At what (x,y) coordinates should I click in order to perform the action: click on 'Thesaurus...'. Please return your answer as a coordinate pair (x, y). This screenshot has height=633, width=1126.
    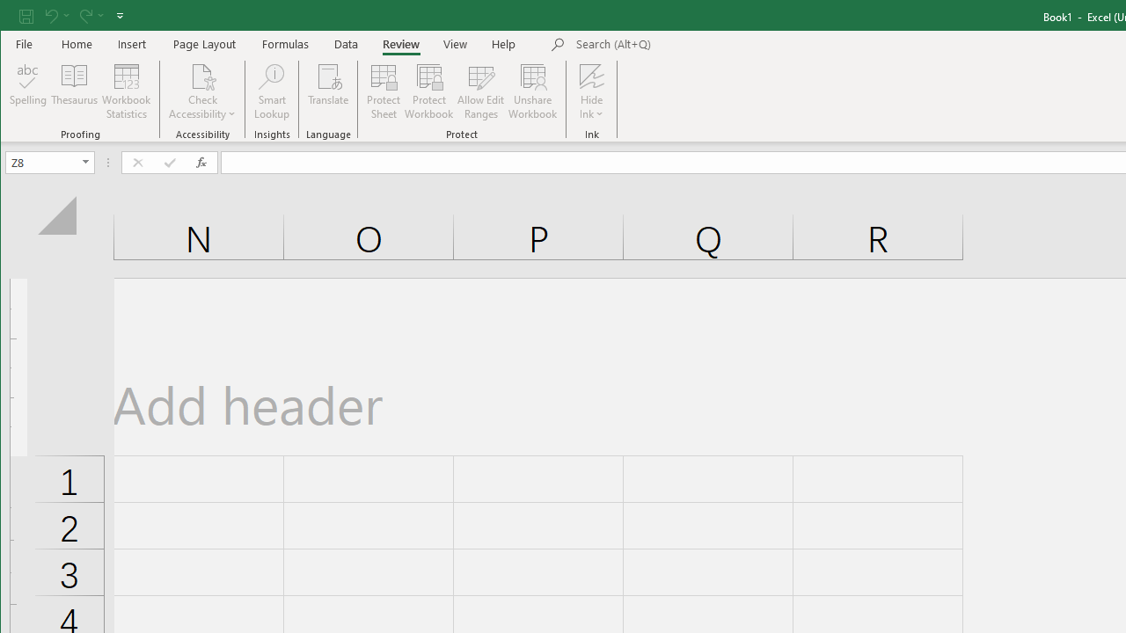
    Looking at the image, I should click on (74, 91).